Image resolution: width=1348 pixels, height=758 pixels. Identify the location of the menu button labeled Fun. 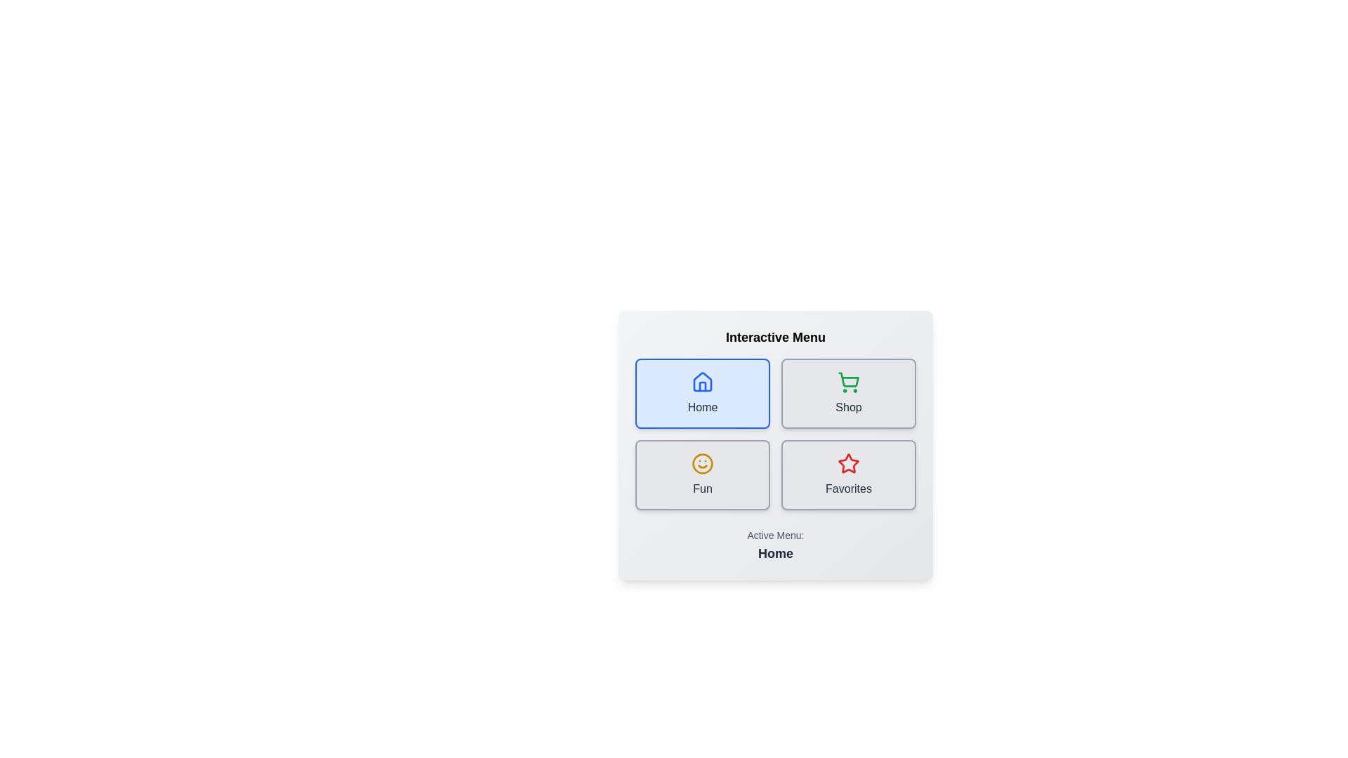
(703, 474).